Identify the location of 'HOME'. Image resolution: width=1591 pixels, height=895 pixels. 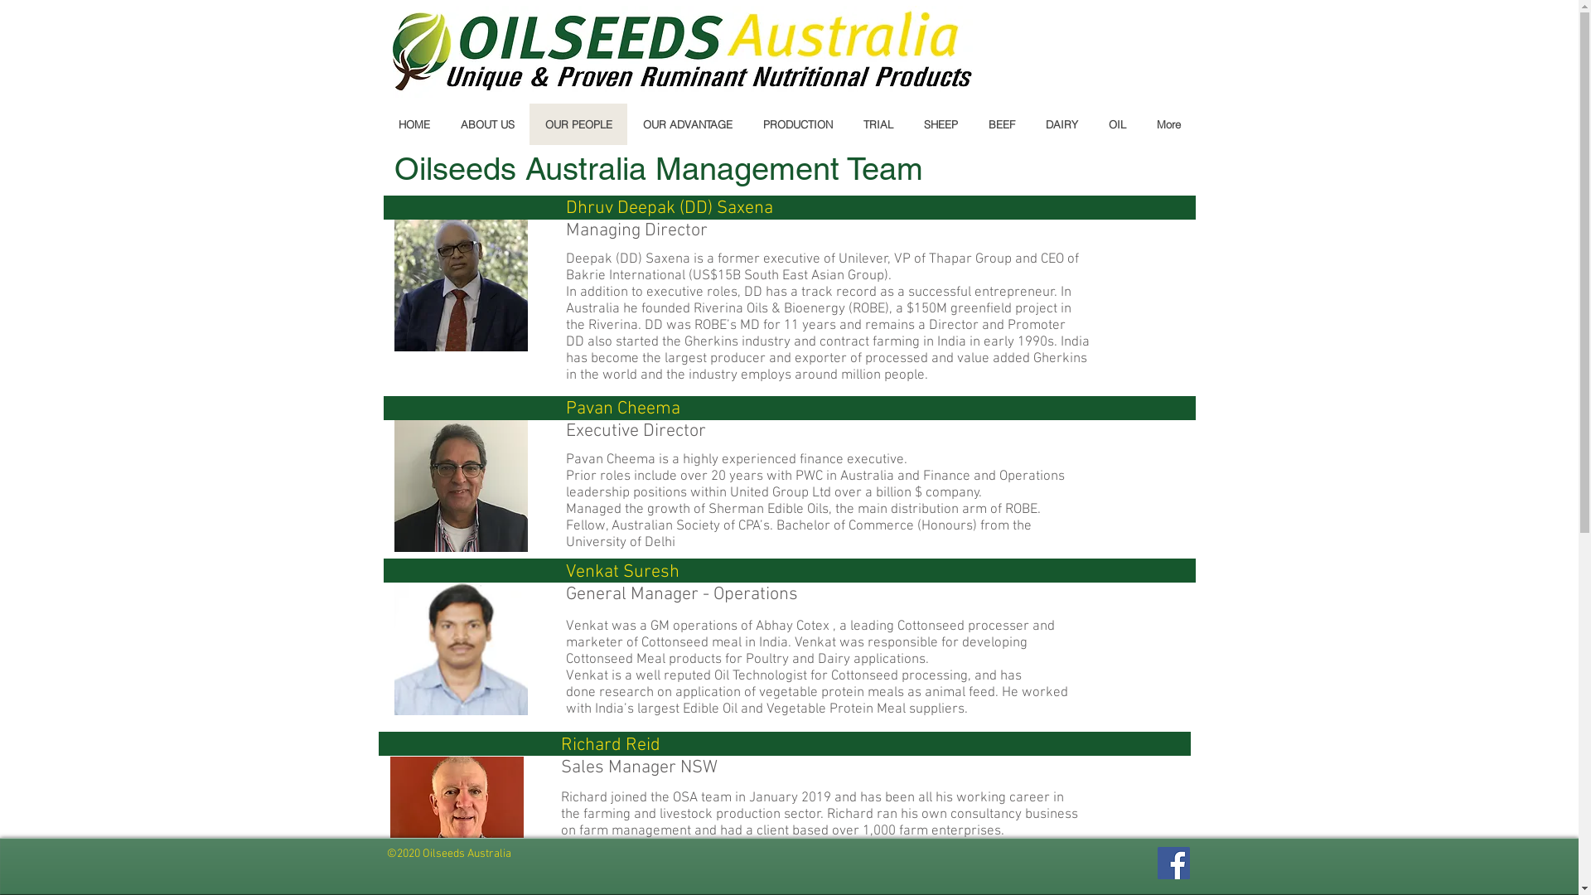
(413, 123).